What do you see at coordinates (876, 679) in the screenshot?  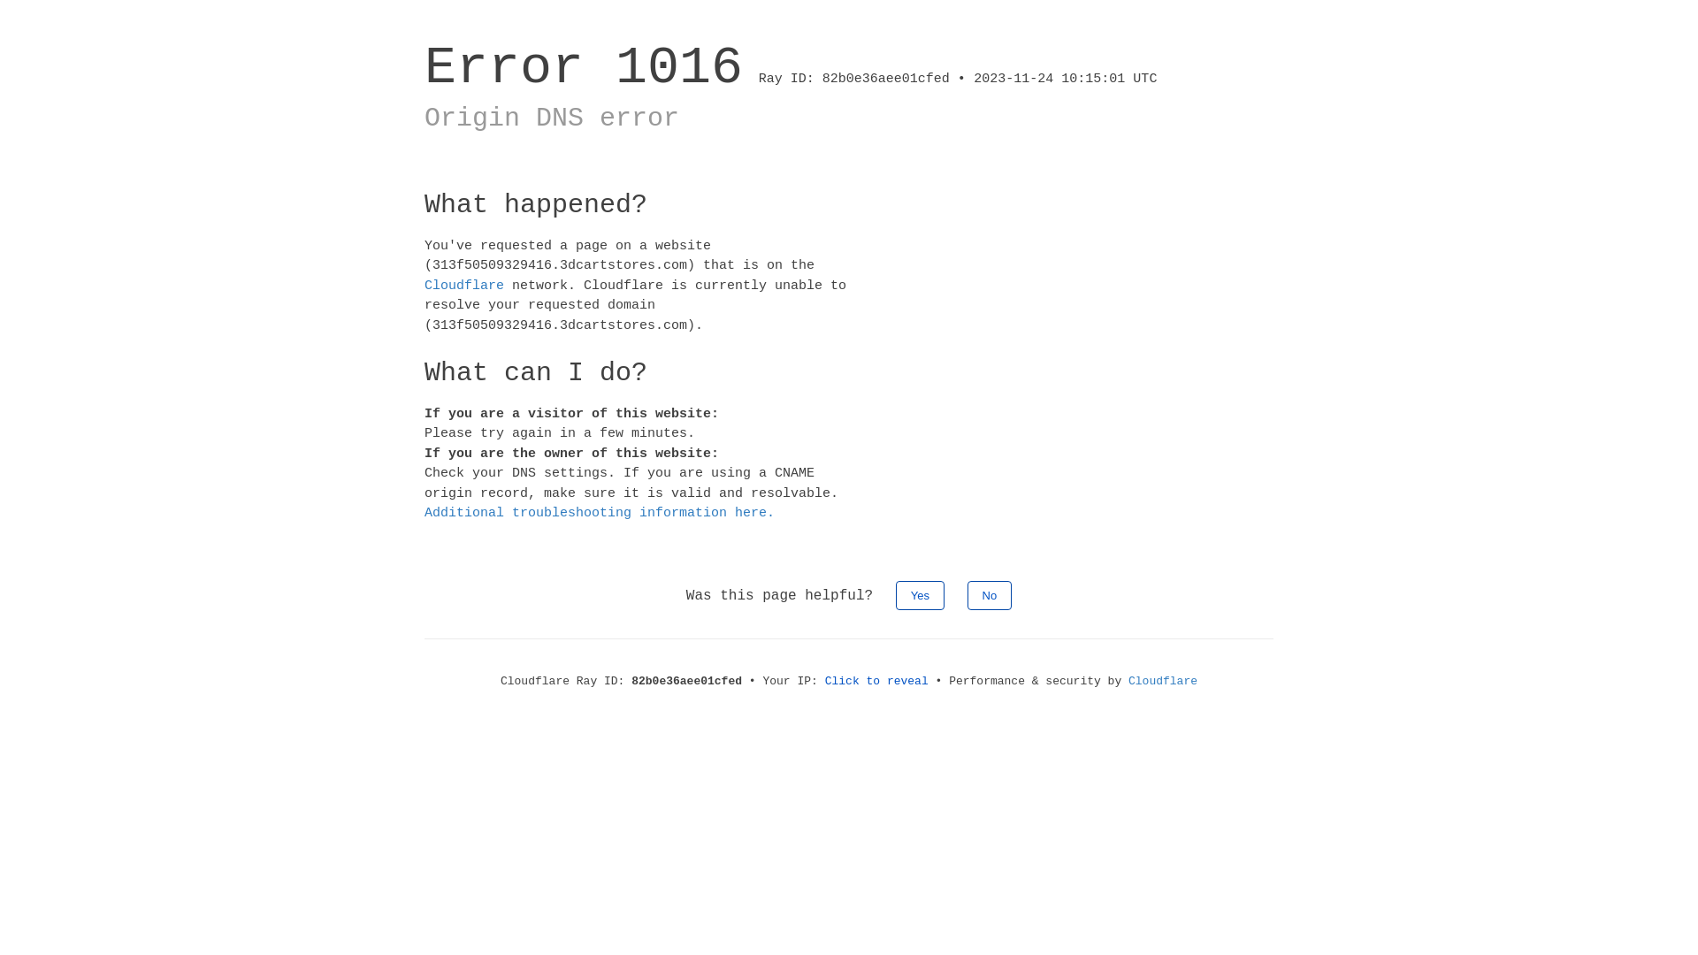 I see `'Click to reveal'` at bounding box center [876, 679].